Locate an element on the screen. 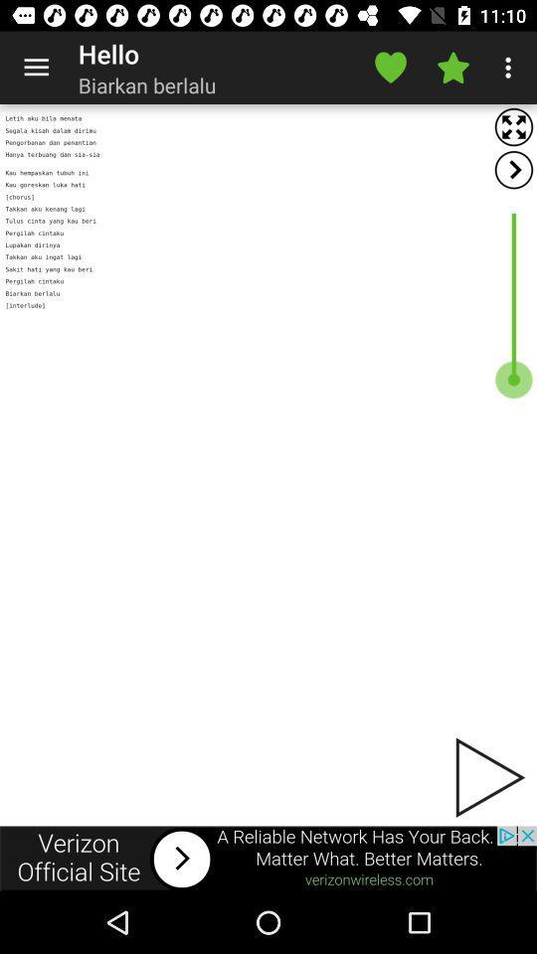 Image resolution: width=537 pixels, height=954 pixels. zoom out is located at coordinates (513, 126).